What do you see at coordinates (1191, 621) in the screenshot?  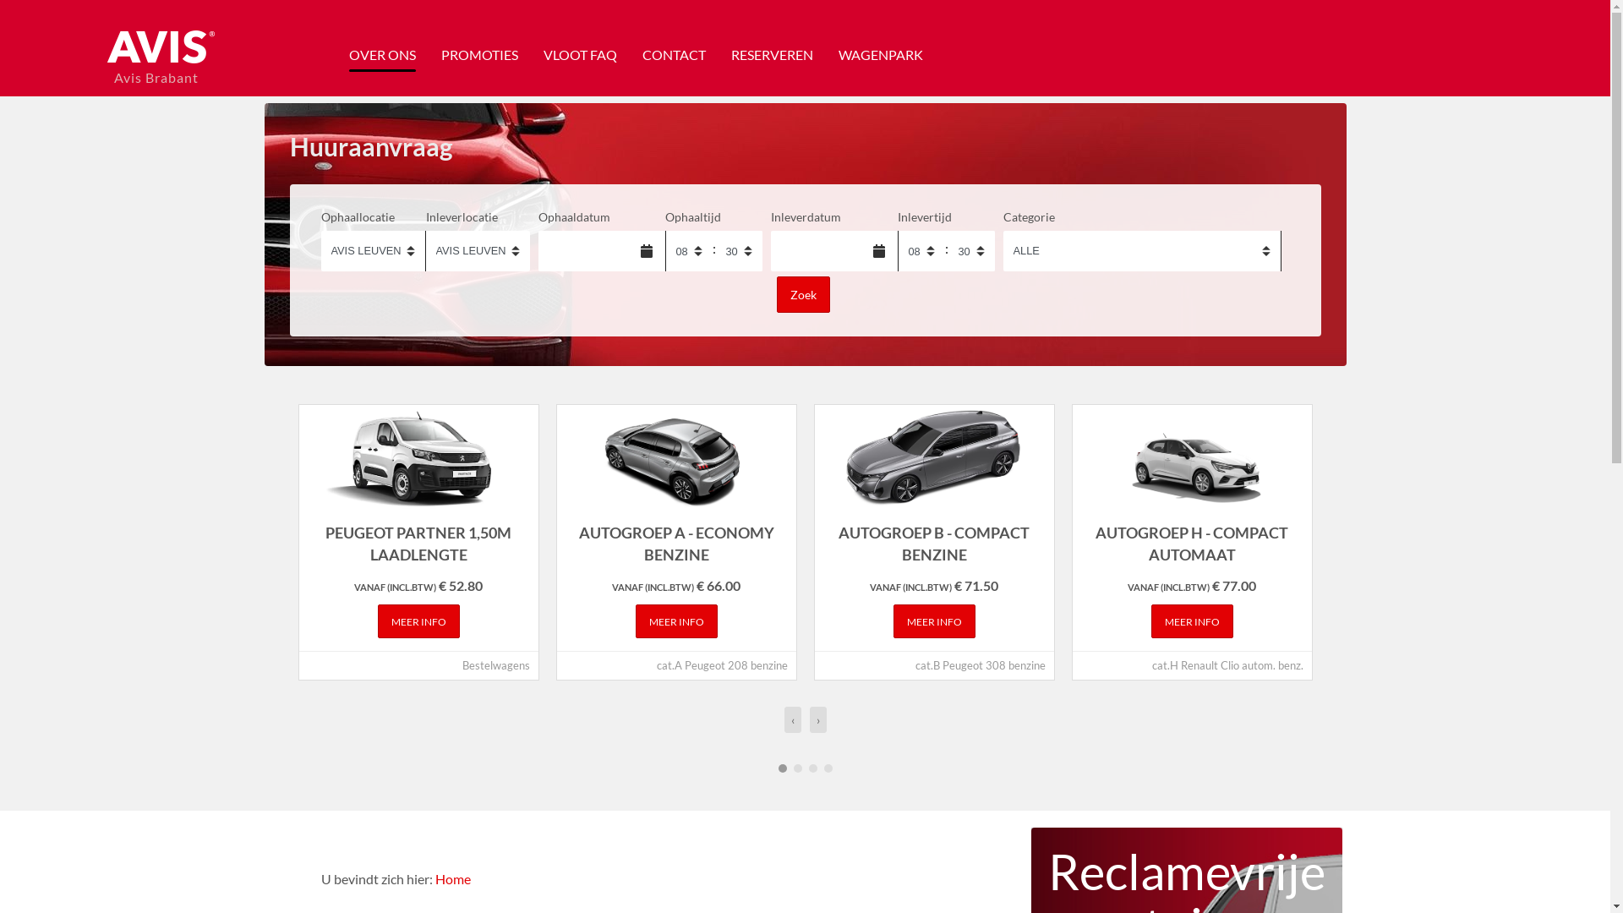 I see `'MEER INFO'` at bounding box center [1191, 621].